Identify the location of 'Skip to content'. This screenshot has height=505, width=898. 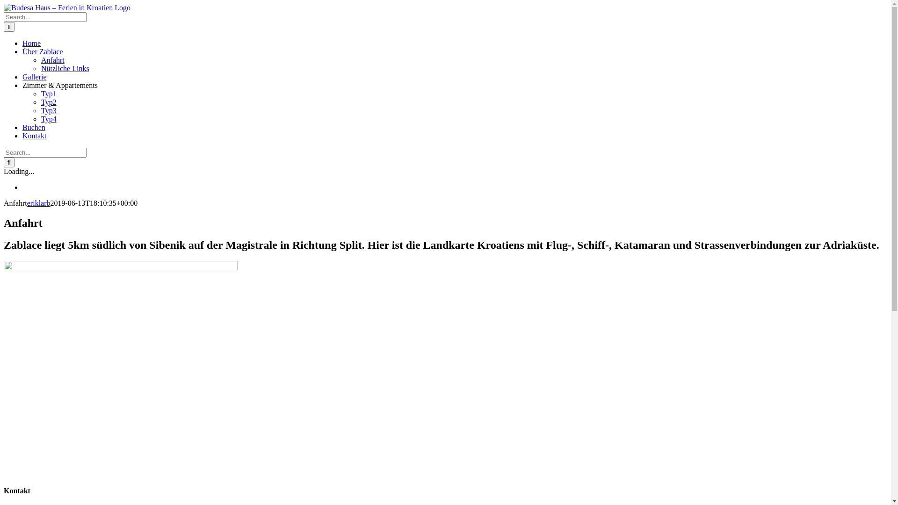
(3, 3).